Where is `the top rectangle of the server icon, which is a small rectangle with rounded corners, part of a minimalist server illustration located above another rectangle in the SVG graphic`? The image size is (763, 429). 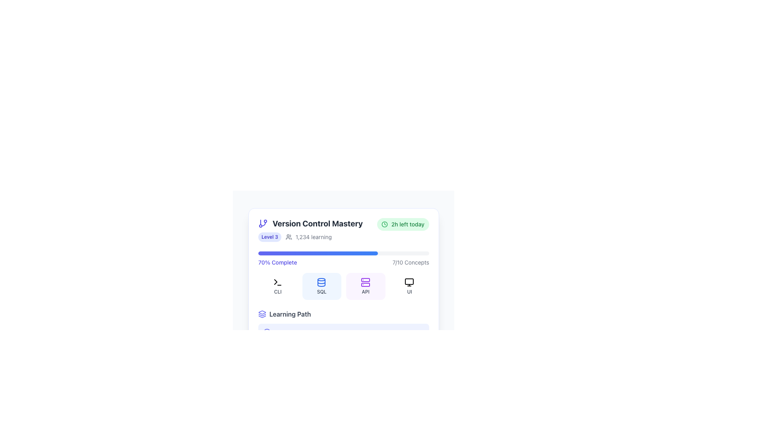
the top rectangle of the server icon, which is a small rectangle with rounded corners, part of a minimalist server illustration located above another rectangle in the SVG graphic is located at coordinates (365, 280).